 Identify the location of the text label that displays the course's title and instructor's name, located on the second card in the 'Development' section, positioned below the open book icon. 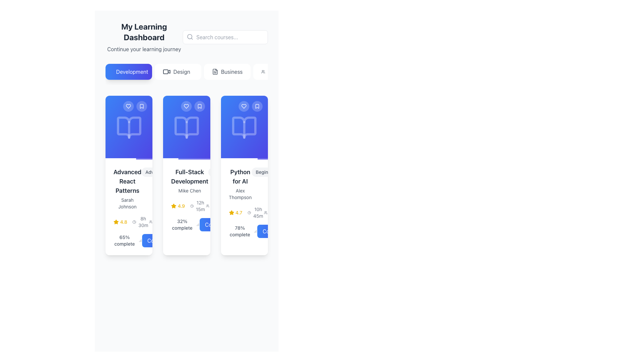
(186, 180).